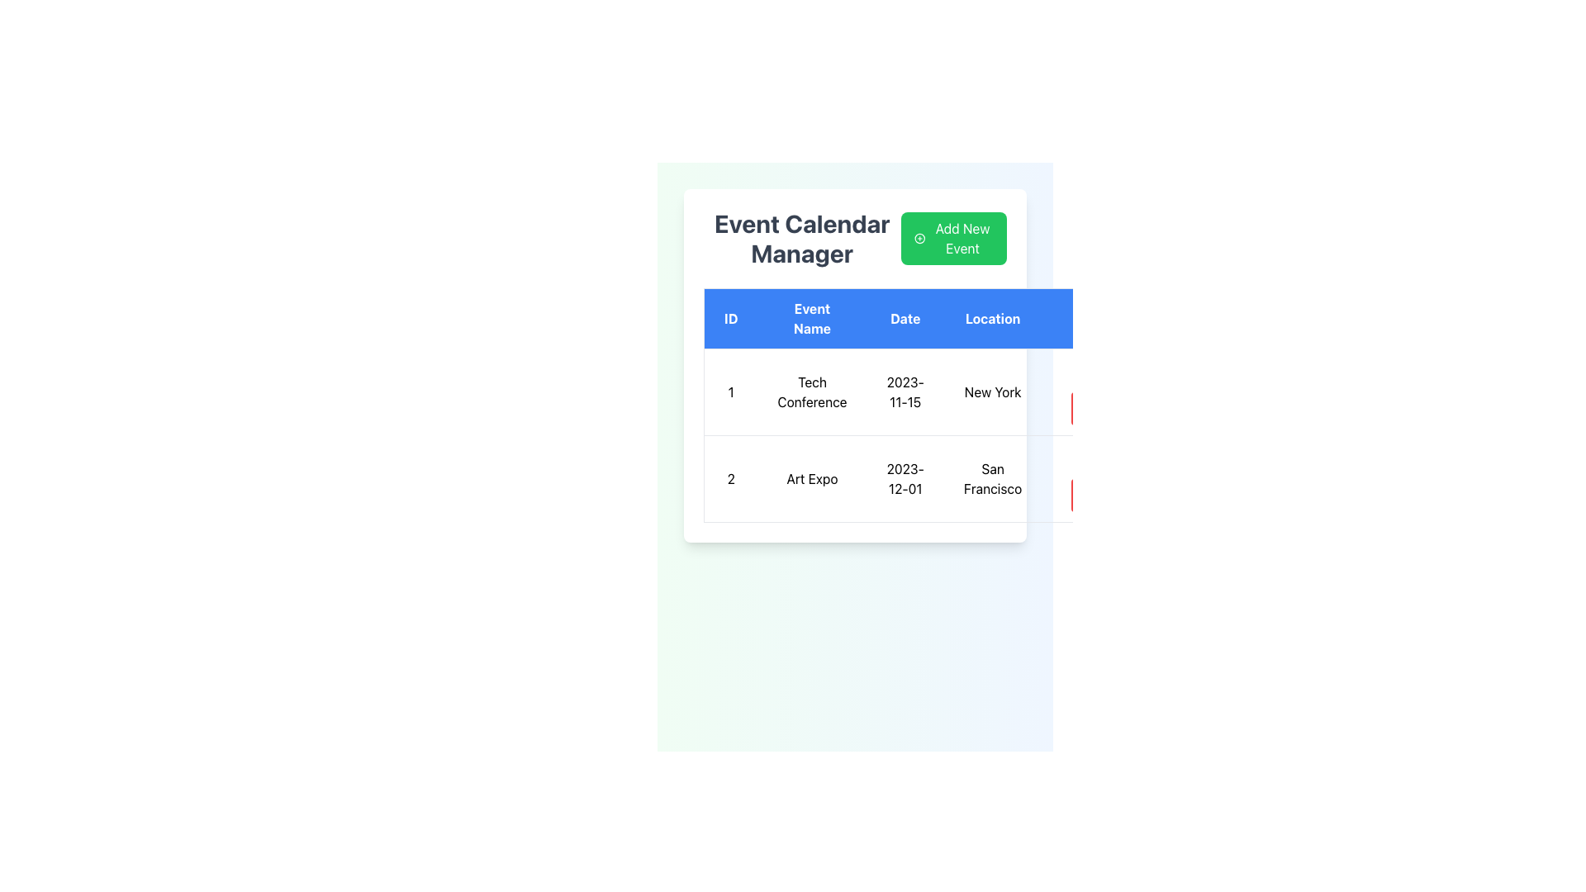 The image size is (1586, 892). What do you see at coordinates (905, 478) in the screenshot?
I see `the static date label for the 'Art Expo' event in the second row of the table, located in the 'Date' column` at bounding box center [905, 478].